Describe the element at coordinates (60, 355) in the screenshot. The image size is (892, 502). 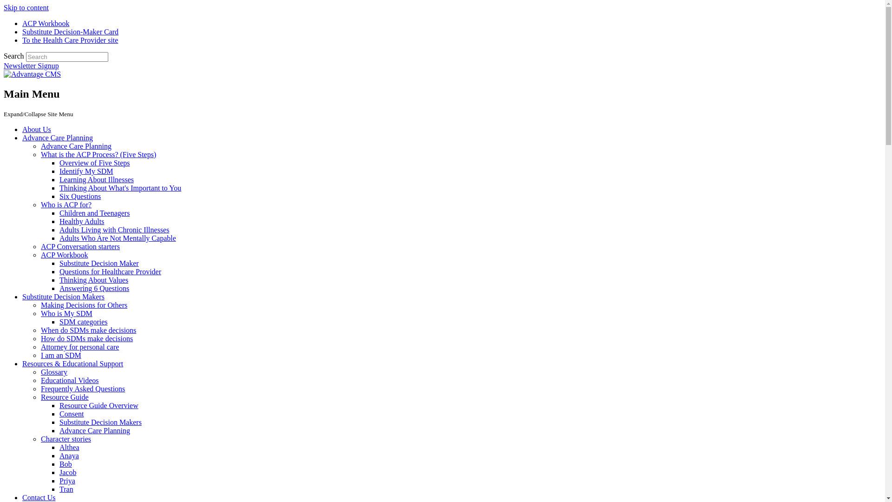
I see `'I am an SDM'` at that location.